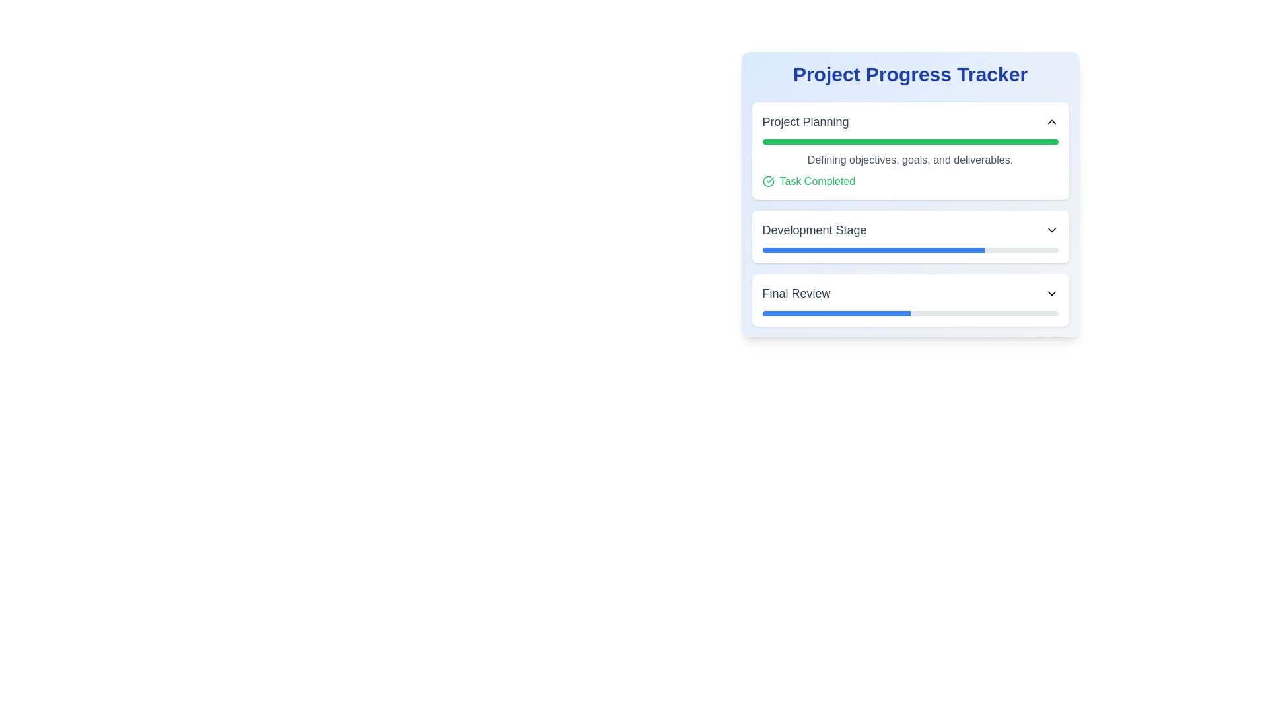  Describe the element at coordinates (909, 142) in the screenshot. I see `the horizontal progress bar located in the 'Project Planning' section of the 'Project Progress Tracker' panel, which is situated below the section header and above the text 'Defining objectives, goals, and deliverables.'` at that location.